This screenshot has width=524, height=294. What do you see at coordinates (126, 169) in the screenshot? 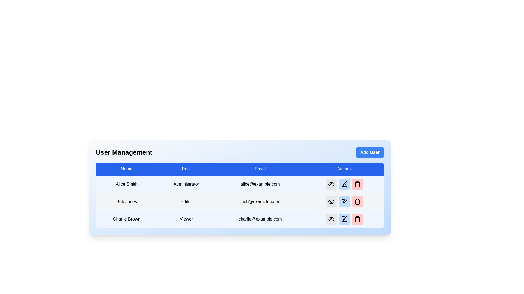
I see `the 'Name' text label, which is a bold rectangular label in white text on a blue background, positioned at the top of the user names column in the tabular layout` at bounding box center [126, 169].